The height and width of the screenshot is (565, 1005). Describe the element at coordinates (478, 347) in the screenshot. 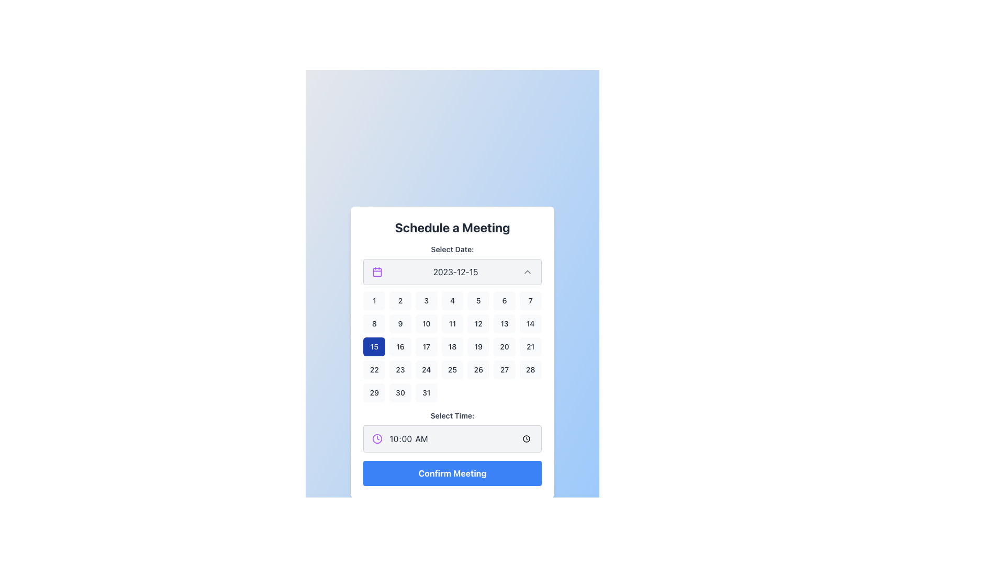

I see `the button representing the selectable day '19' in the calendar view` at that location.